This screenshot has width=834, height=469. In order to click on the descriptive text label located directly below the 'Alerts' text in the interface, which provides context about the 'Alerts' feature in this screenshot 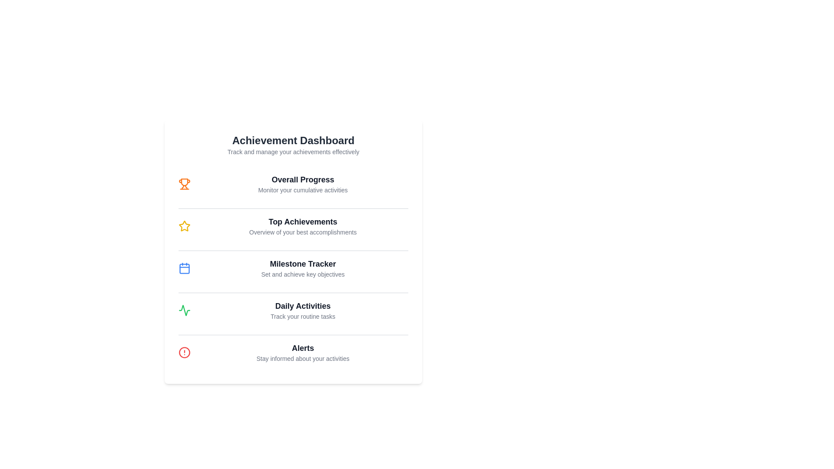, I will do `click(303, 358)`.